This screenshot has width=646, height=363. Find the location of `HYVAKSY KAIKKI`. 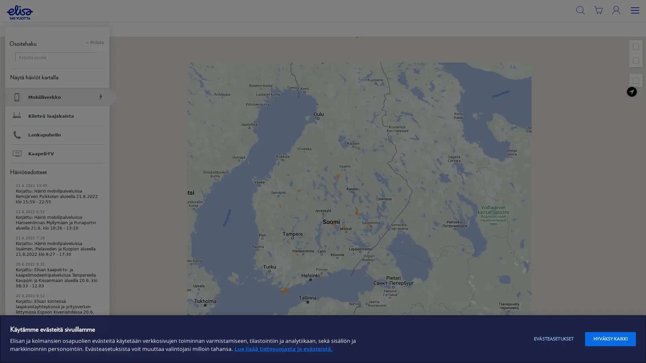

HYVAKSY KAIKKI is located at coordinates (610, 339).